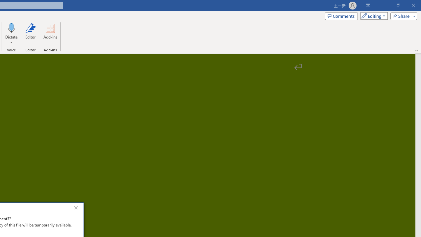  What do you see at coordinates (30, 34) in the screenshot?
I see `'Editor'` at bounding box center [30, 34].